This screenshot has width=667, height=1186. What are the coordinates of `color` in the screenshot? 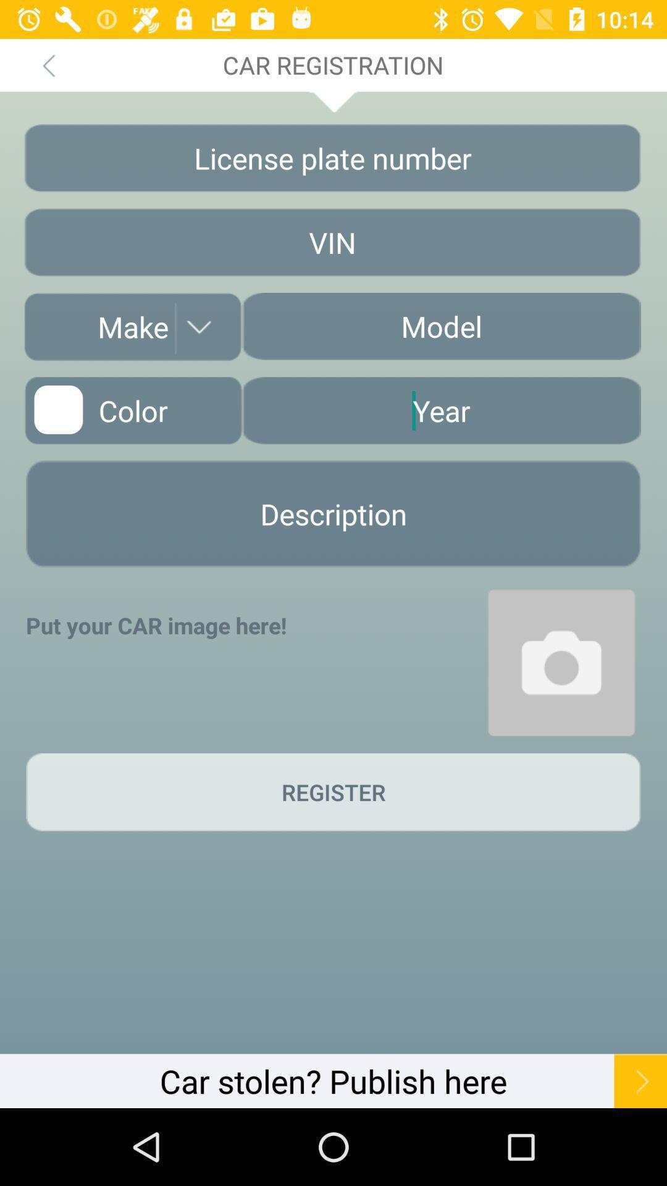 It's located at (133, 410).